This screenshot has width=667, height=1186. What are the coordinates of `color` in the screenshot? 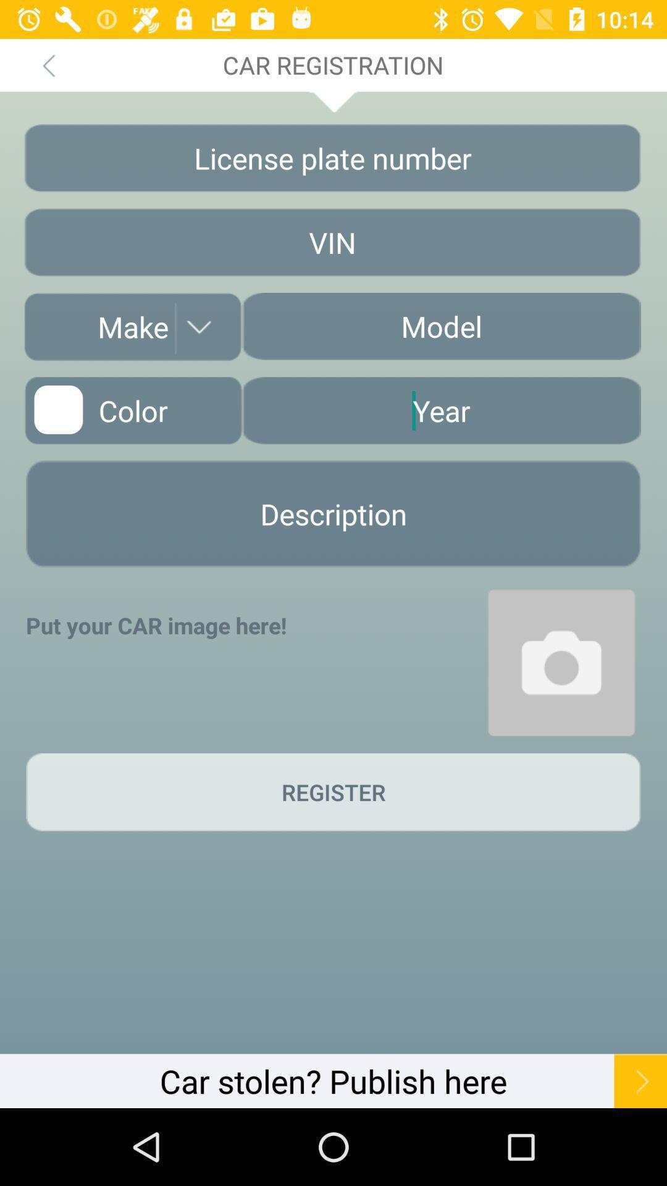 It's located at (133, 410).